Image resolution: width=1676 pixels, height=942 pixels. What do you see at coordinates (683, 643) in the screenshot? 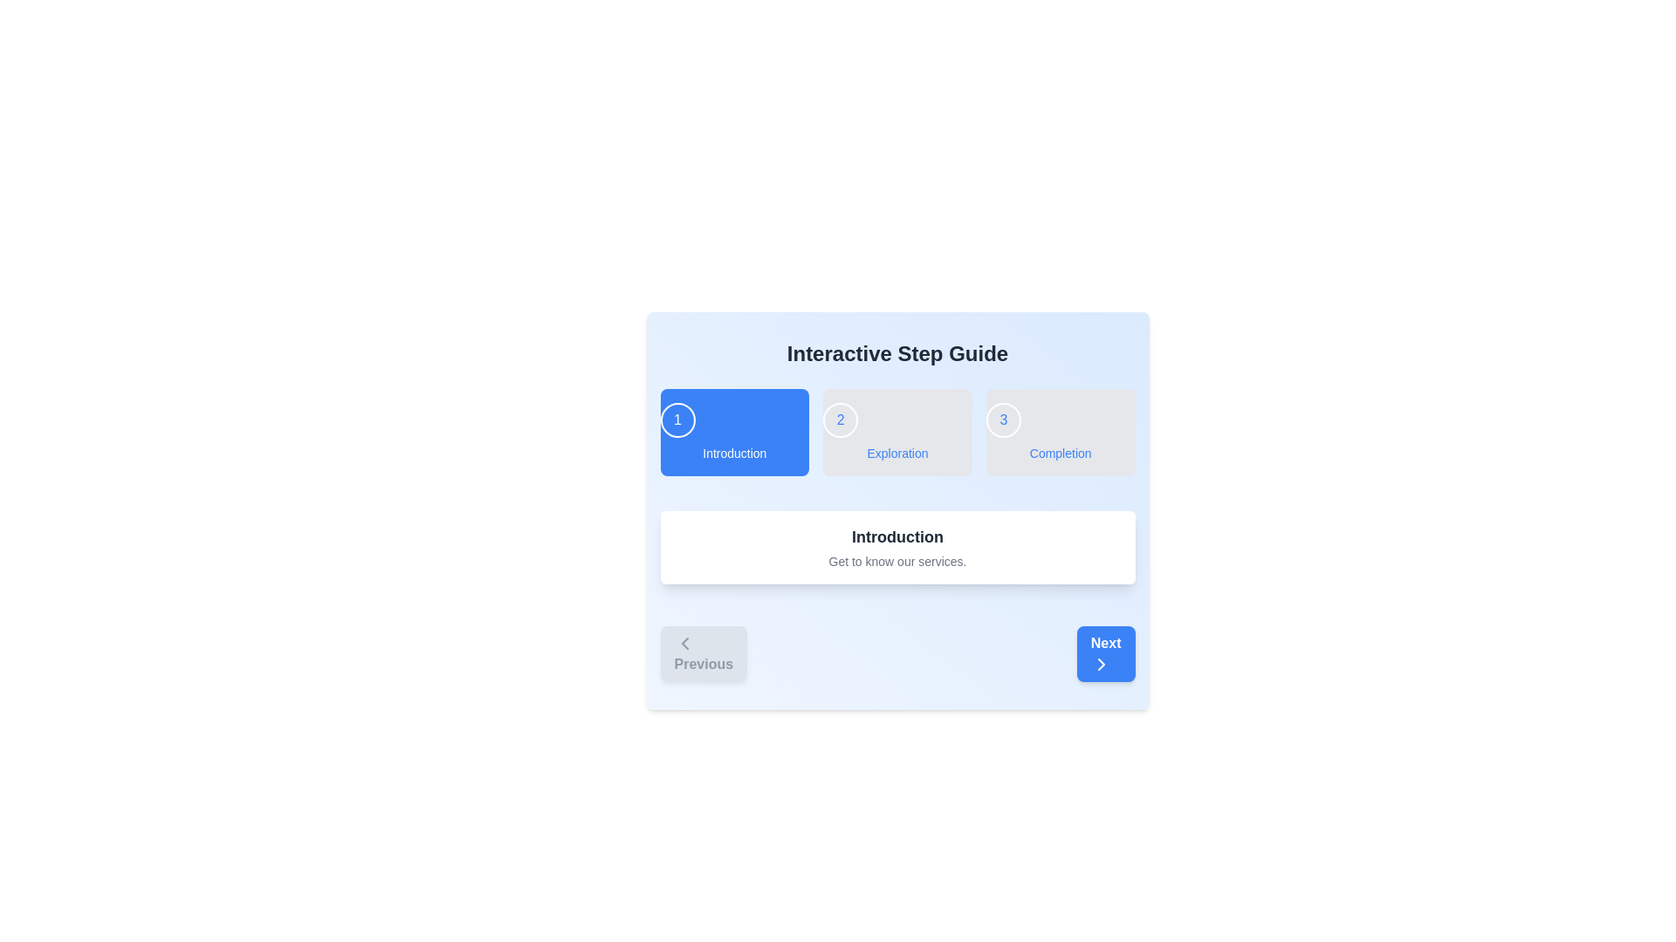
I see `the 'Previous' button which contains the directional icon indicating navigation to the previous step` at bounding box center [683, 643].